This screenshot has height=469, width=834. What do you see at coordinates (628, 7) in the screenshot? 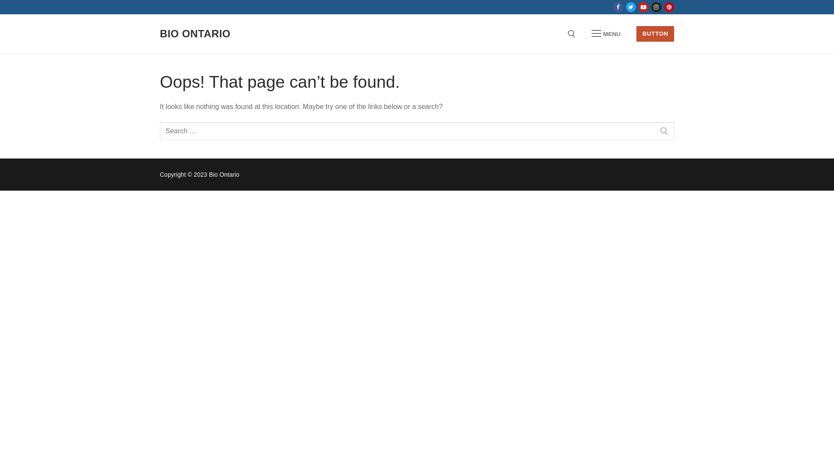
I see `'Twitter'` at bounding box center [628, 7].